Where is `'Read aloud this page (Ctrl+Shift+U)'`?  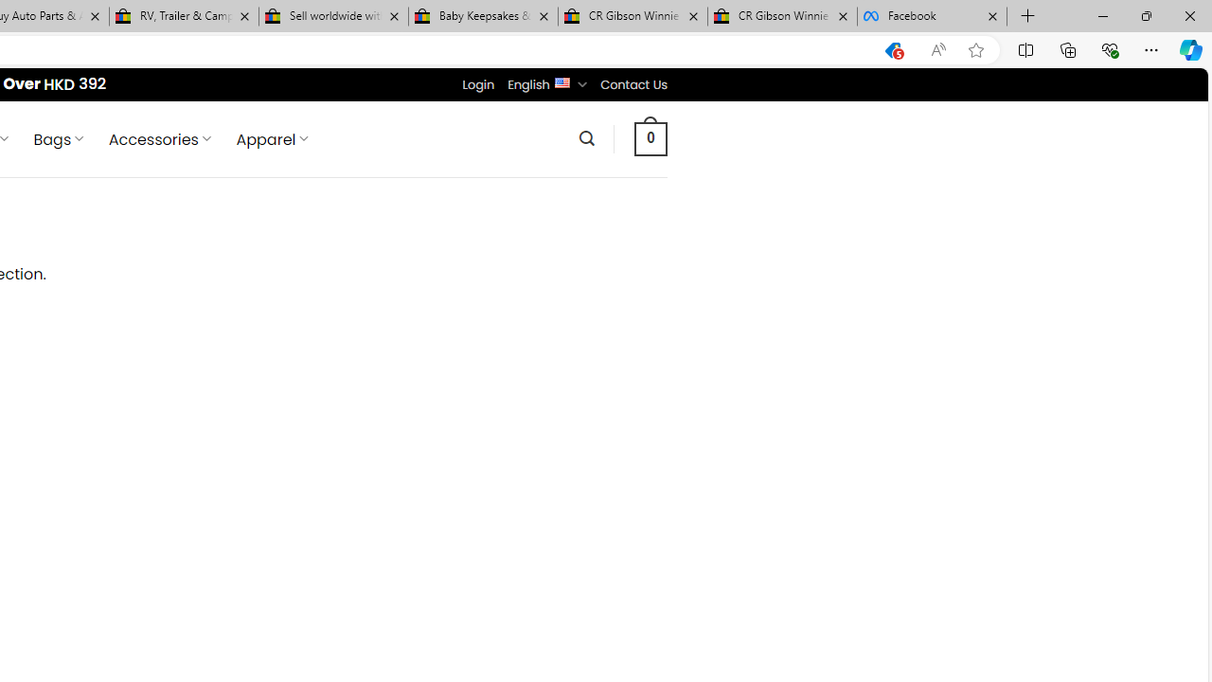 'Read aloud this page (Ctrl+Shift+U)' is located at coordinates (938, 49).